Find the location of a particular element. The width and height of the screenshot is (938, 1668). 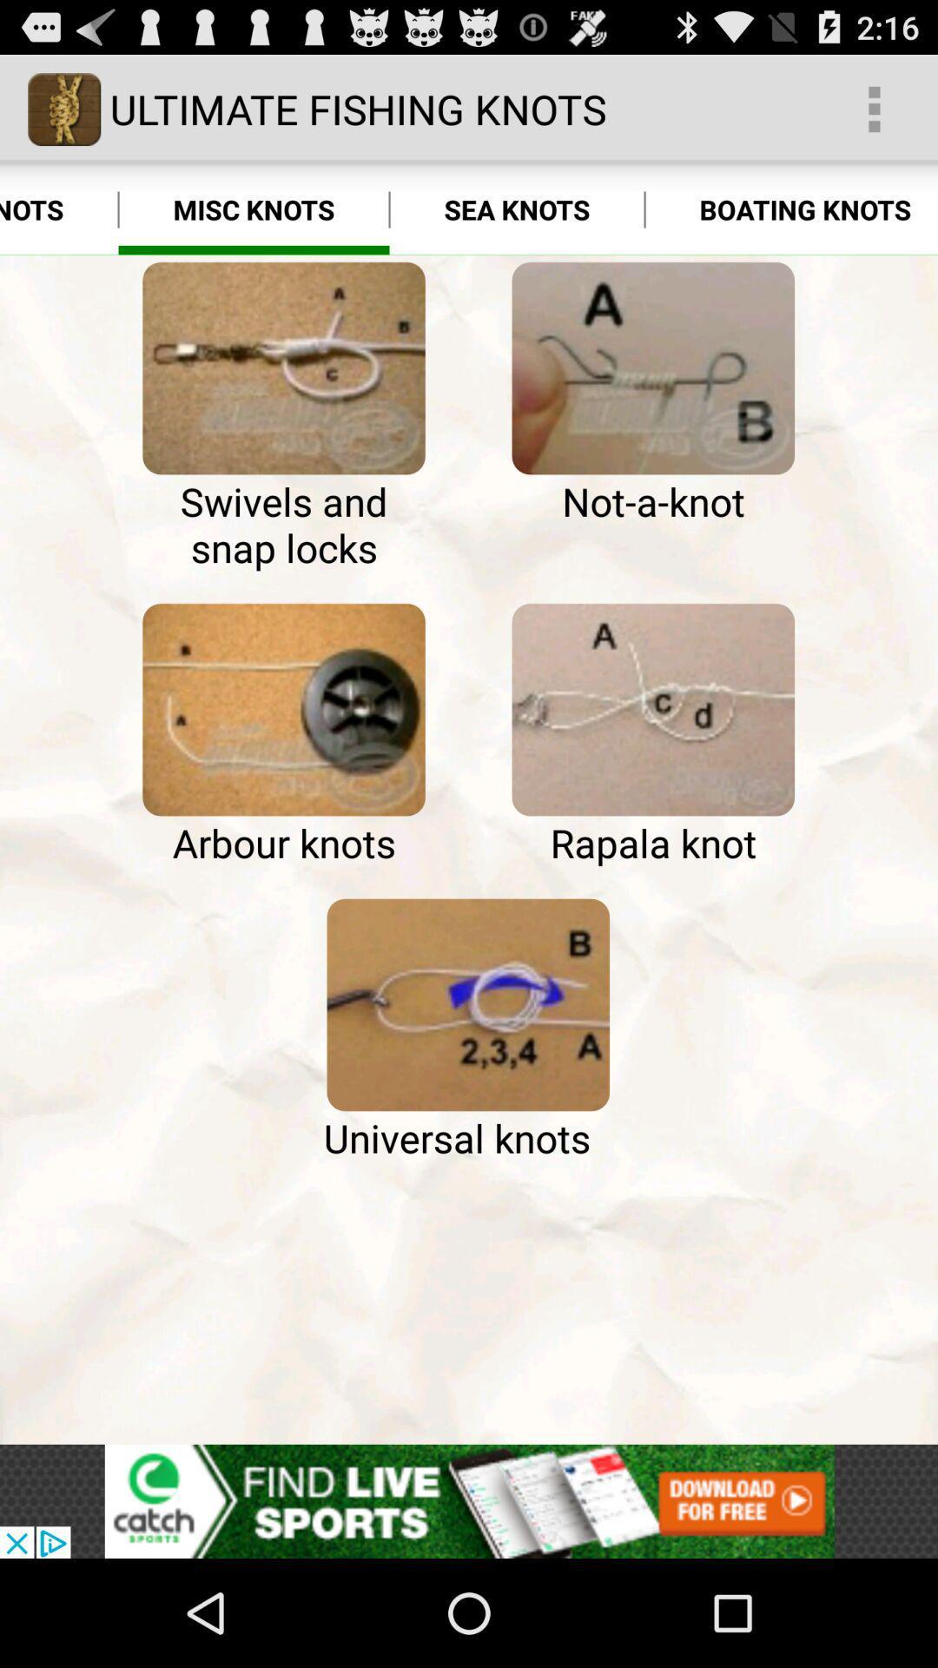

app to the right of sea knots app is located at coordinates (791, 208).